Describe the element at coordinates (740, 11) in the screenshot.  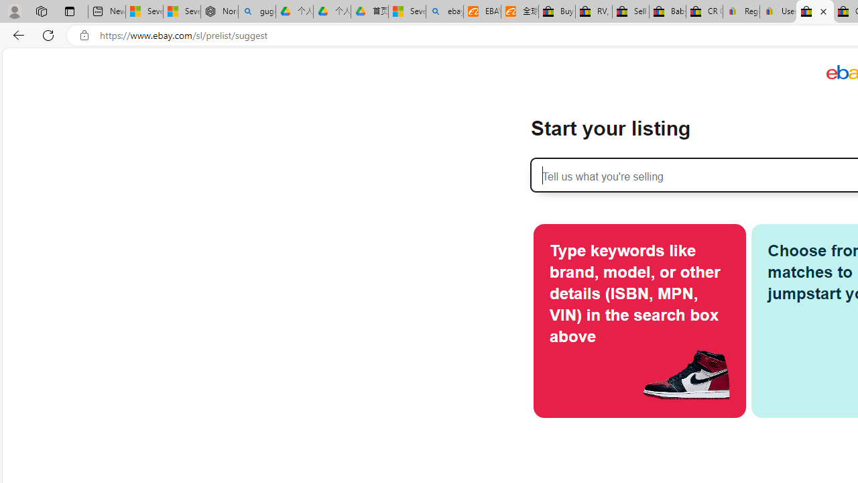
I see `'Register: Create a personal eBay account'` at that location.